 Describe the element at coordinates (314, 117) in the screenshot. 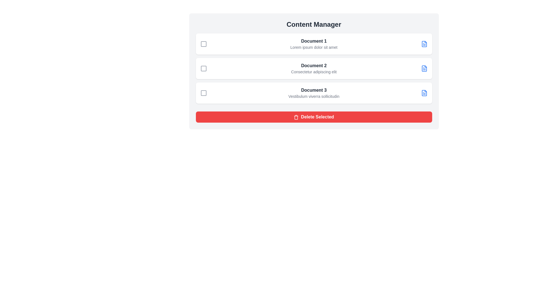

I see `the 'Delete Selected' button to delete all selected documents` at that location.